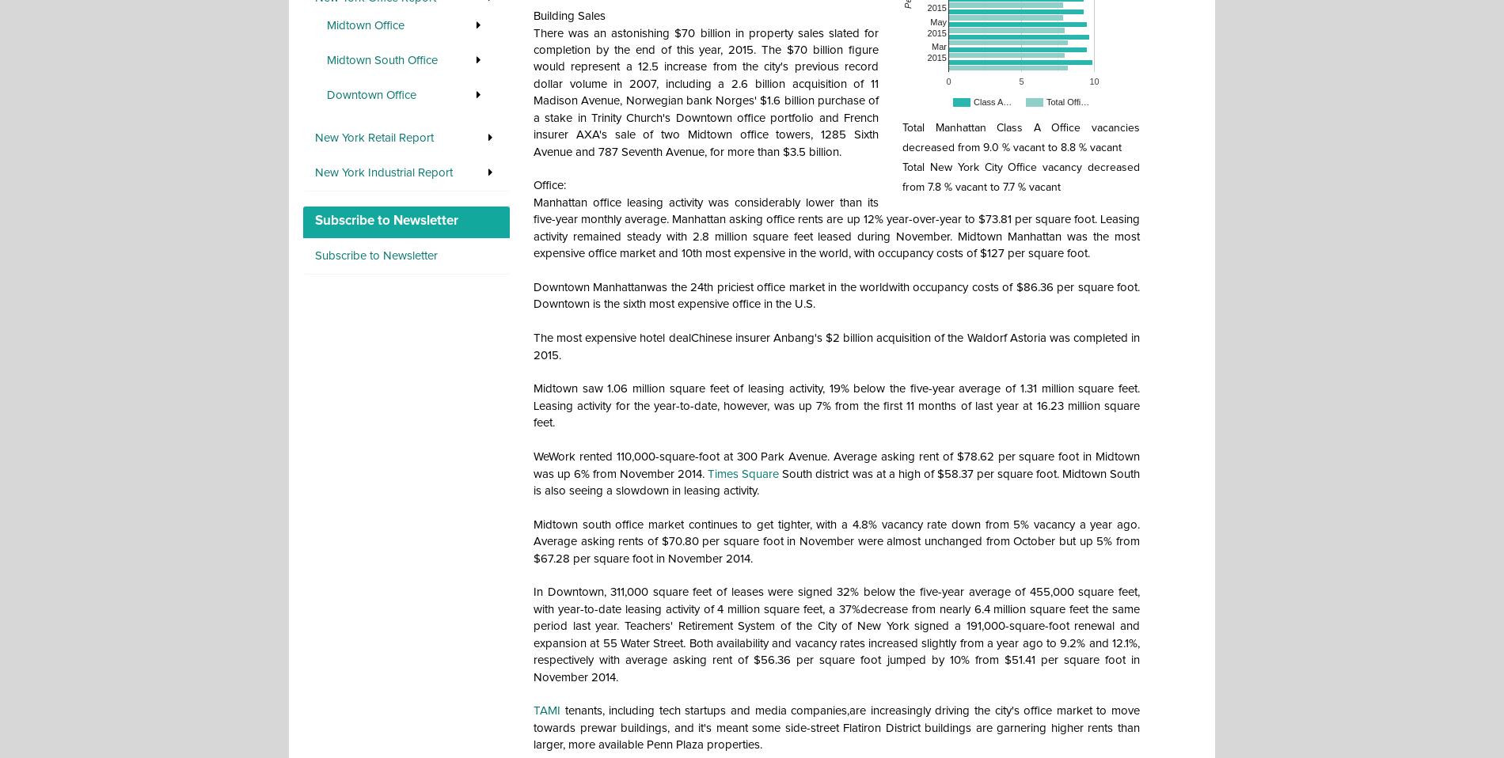 This screenshot has width=1504, height=758. I want to click on 'Total New York City Office vacancy decreased from 7.8 % vacant to 7.7 % vacant', so click(902, 176).